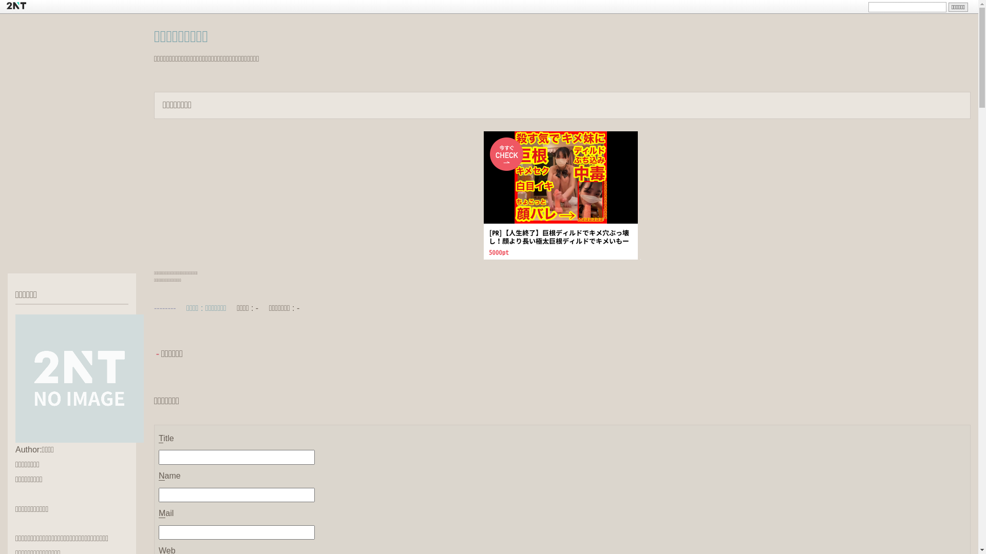 The image size is (986, 554). Describe the element at coordinates (153, 307) in the screenshot. I see `'--------'` at that location.